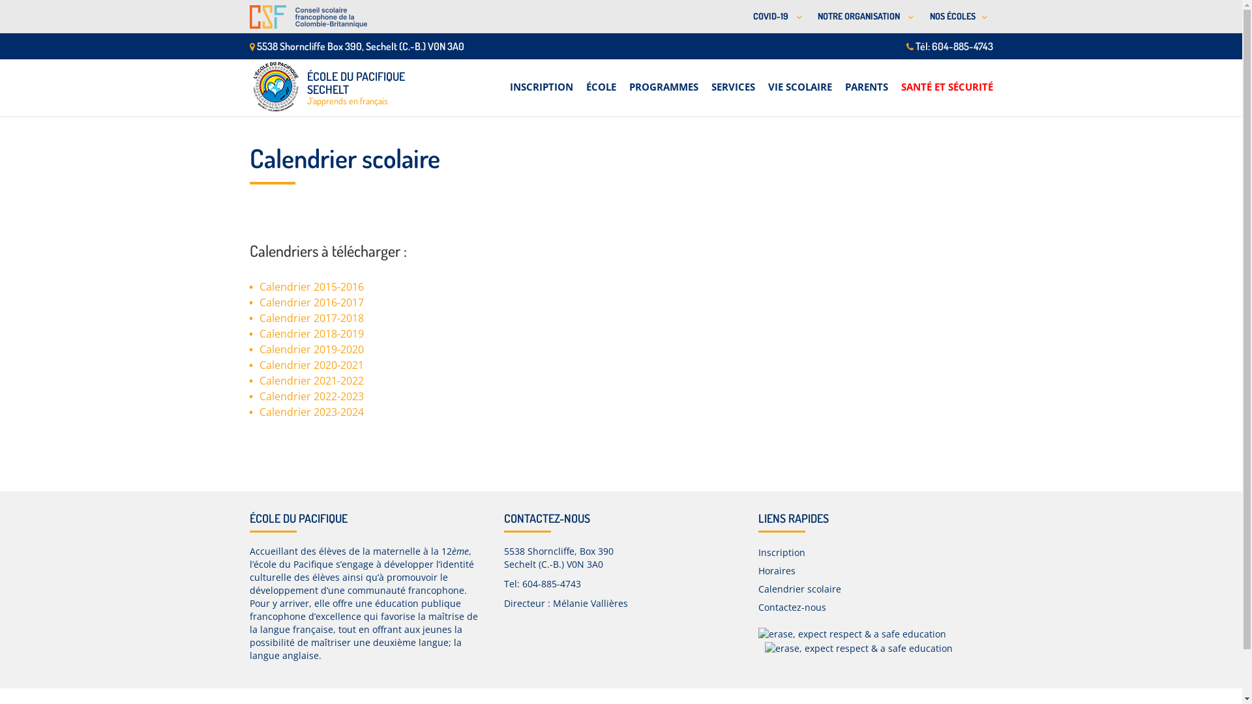 The image size is (1252, 704). What do you see at coordinates (311, 302) in the screenshot?
I see `'Calendrier 2016-2017'` at bounding box center [311, 302].